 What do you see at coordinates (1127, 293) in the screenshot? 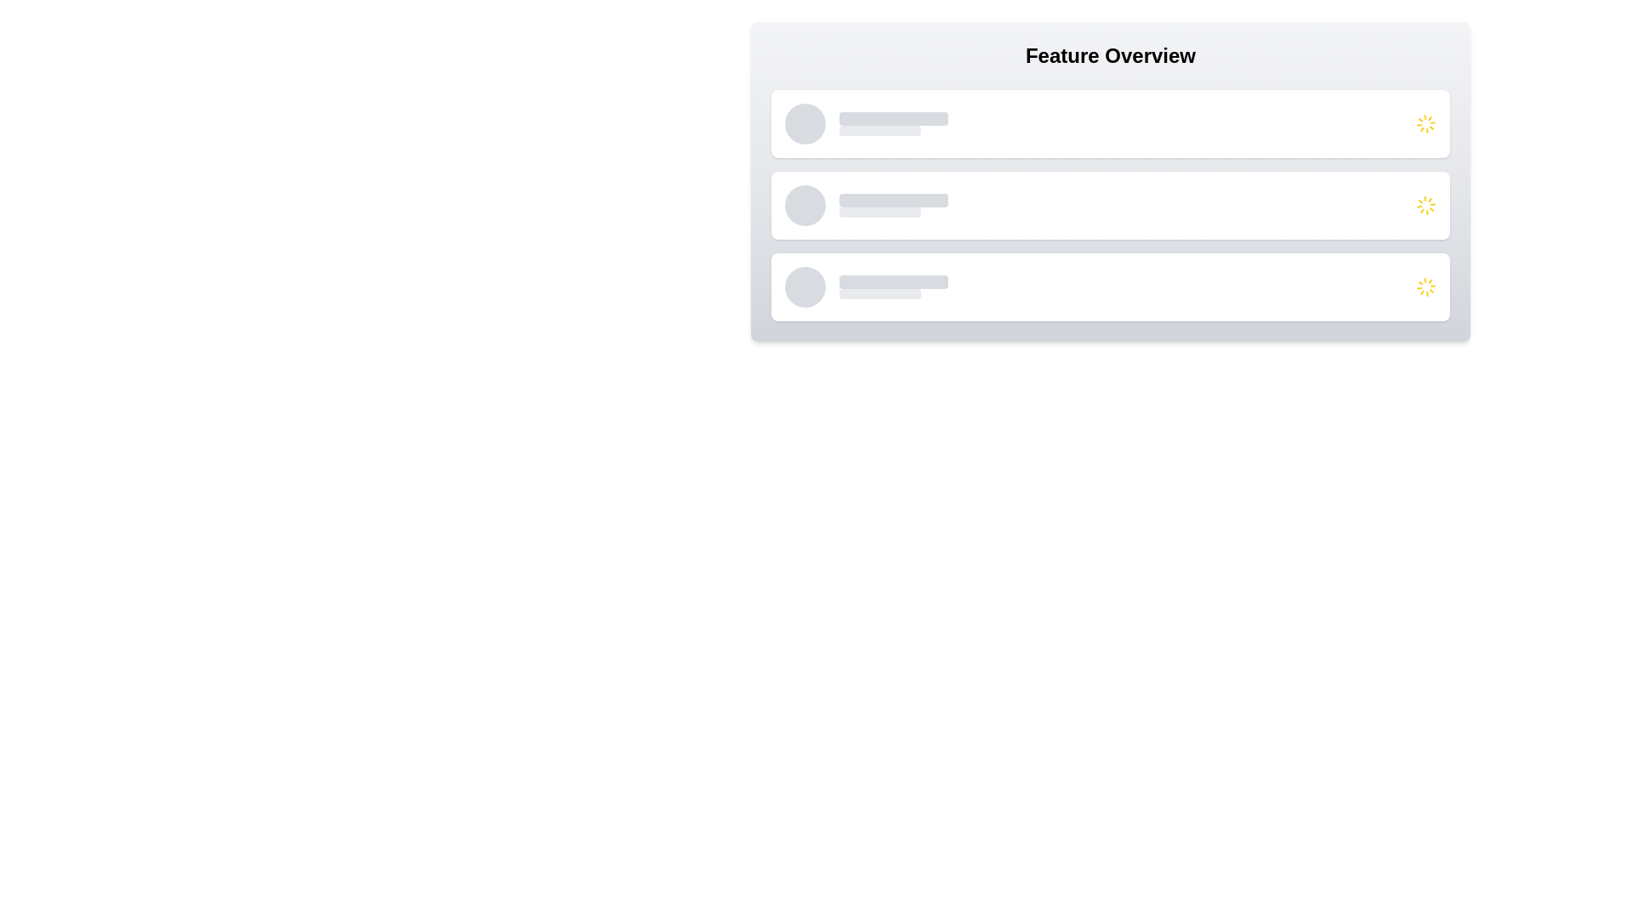
I see `the visual placeholder (animated shimmer bar) located in the third row of the vertically arranged list, which indicates content that is yet to be loaded` at bounding box center [1127, 293].